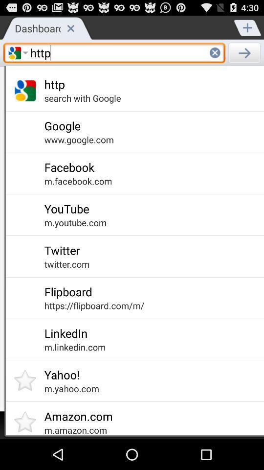  Describe the element at coordinates (244, 56) in the screenshot. I see `the arrow_forward icon` at that location.